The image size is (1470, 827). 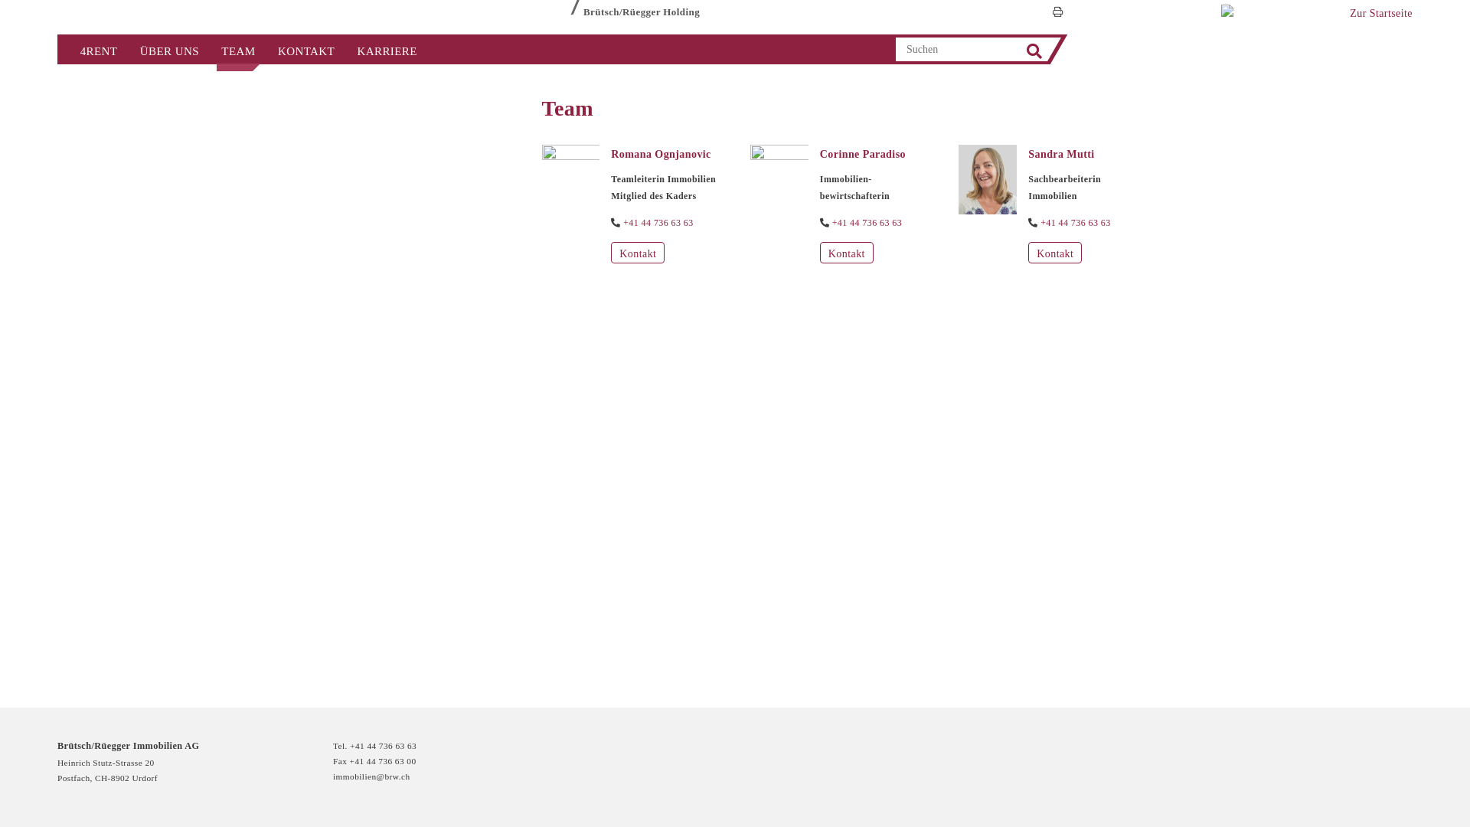 What do you see at coordinates (831, 223) in the screenshot?
I see `'+41 44 736 63 63'` at bounding box center [831, 223].